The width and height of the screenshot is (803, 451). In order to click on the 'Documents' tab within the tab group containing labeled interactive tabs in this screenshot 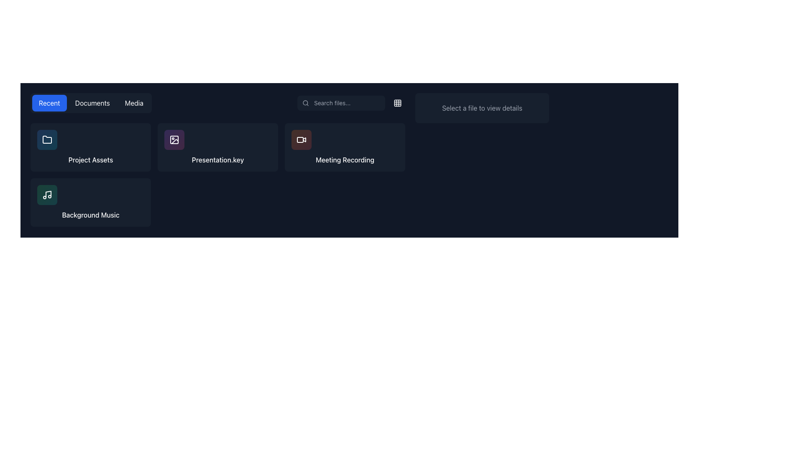, I will do `click(91, 102)`.